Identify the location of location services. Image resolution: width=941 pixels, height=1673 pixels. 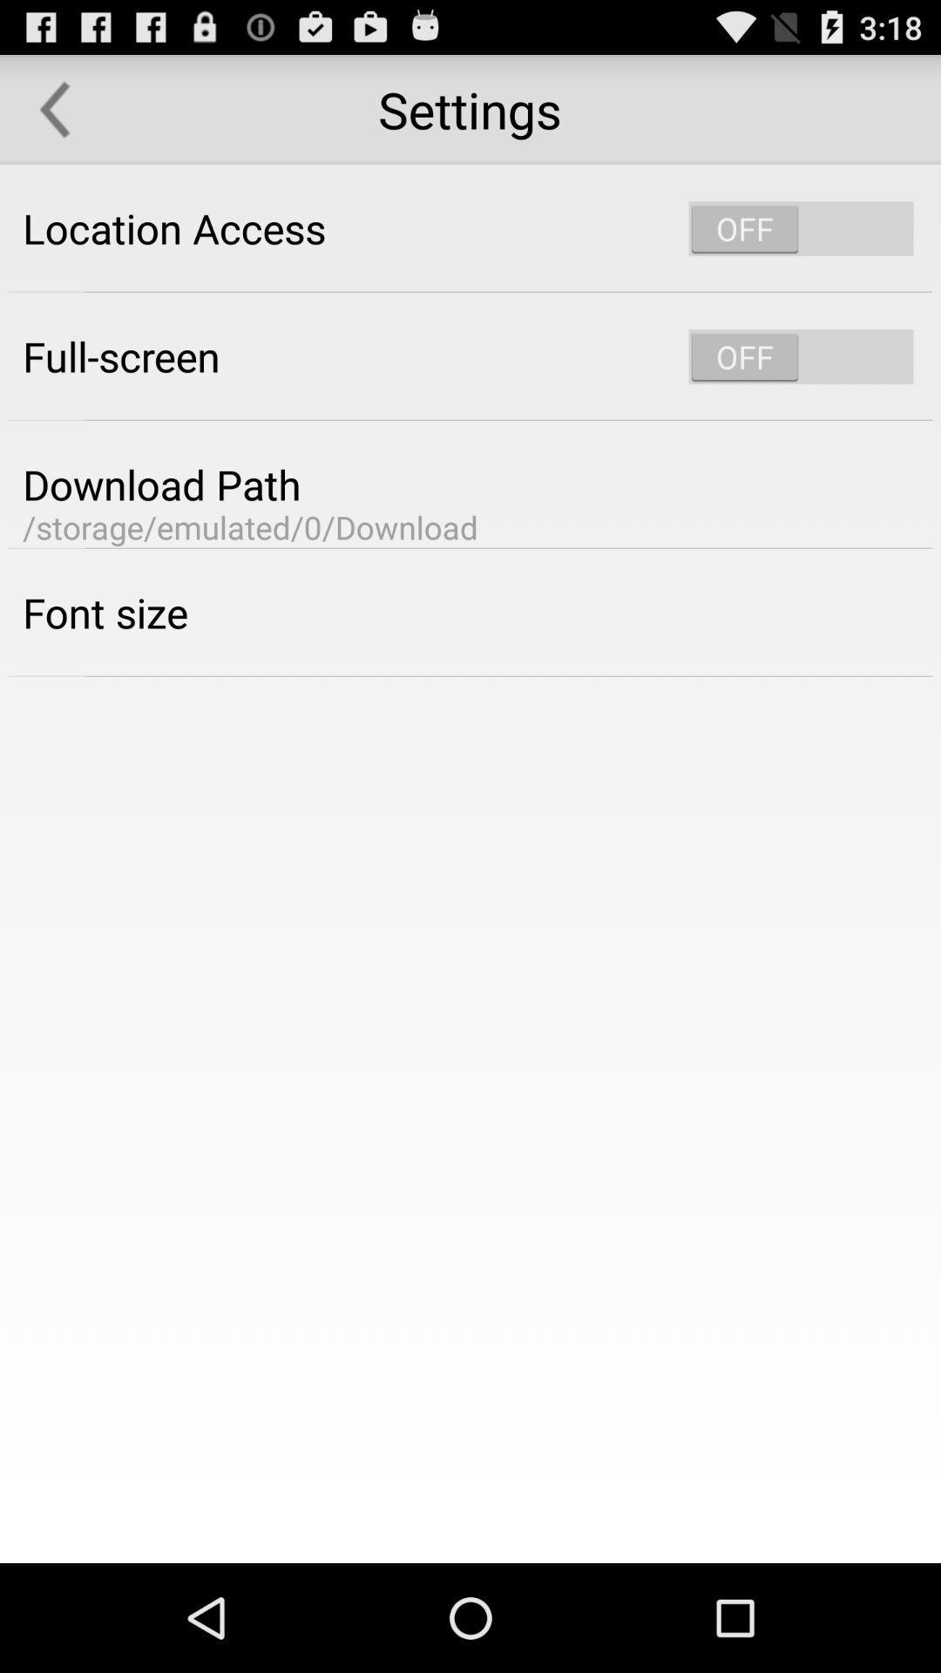
(801, 227).